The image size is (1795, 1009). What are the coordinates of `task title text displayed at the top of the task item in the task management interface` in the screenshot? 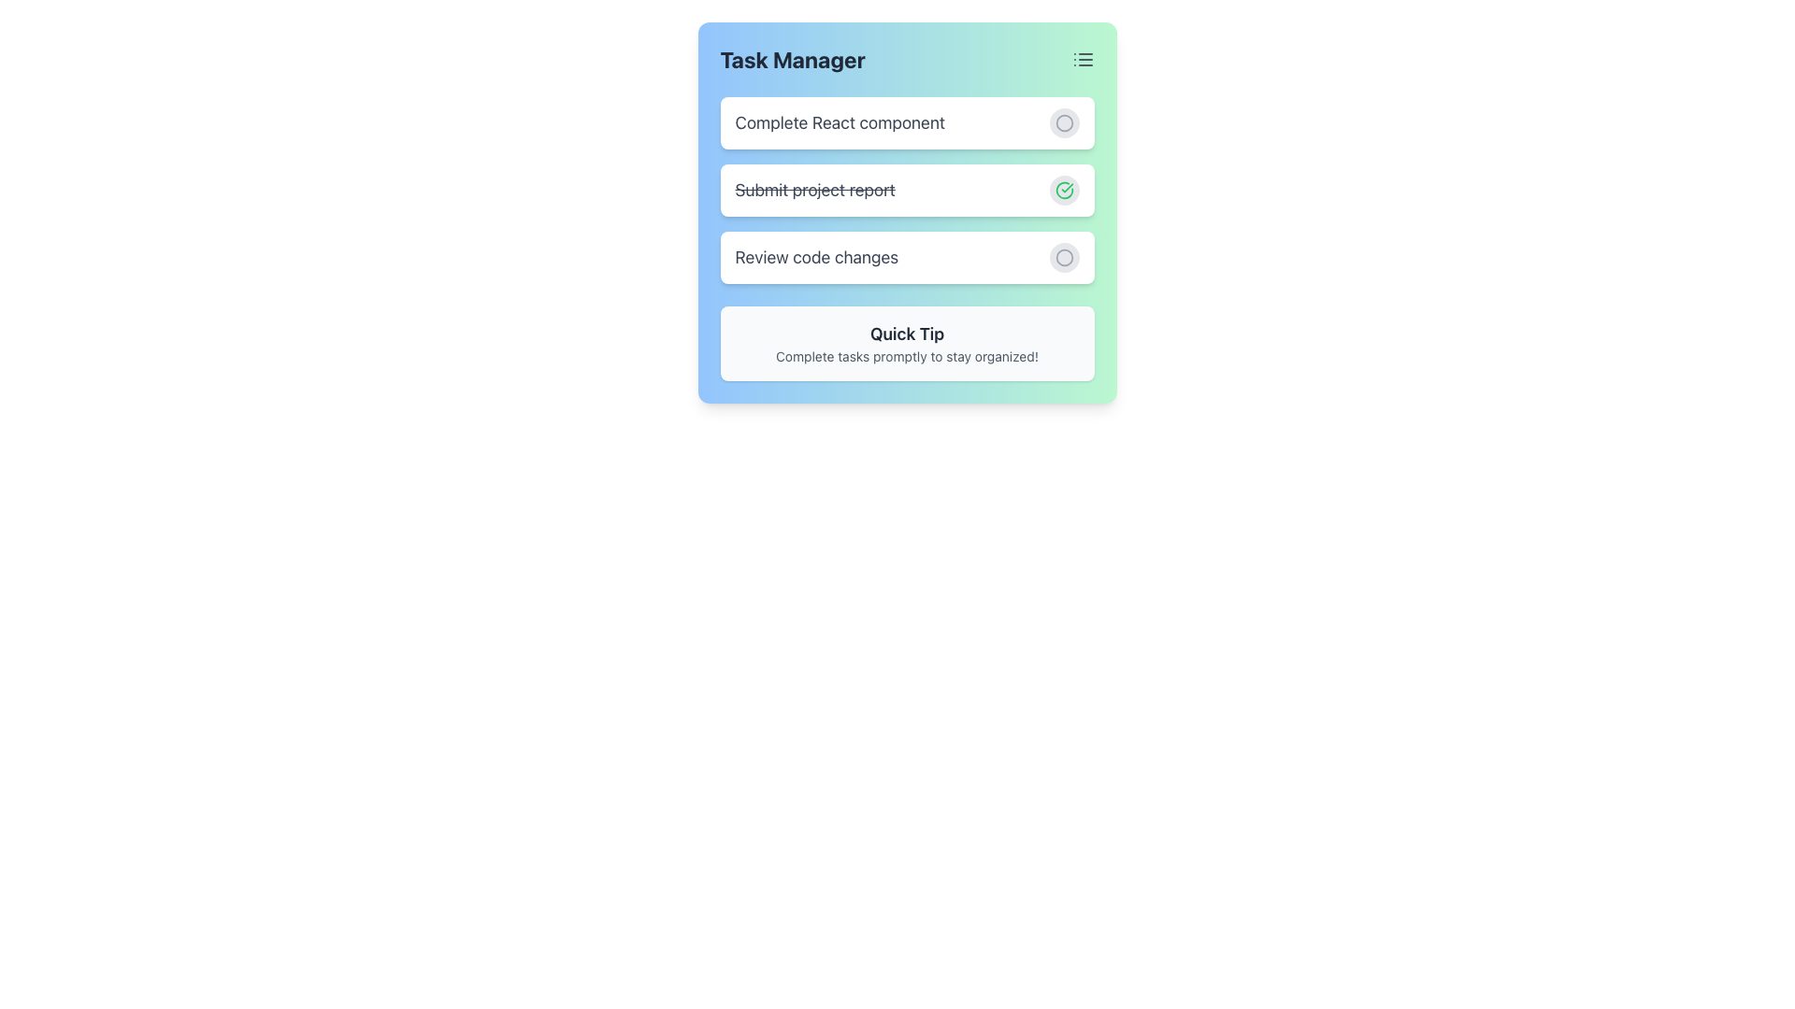 It's located at (839, 122).